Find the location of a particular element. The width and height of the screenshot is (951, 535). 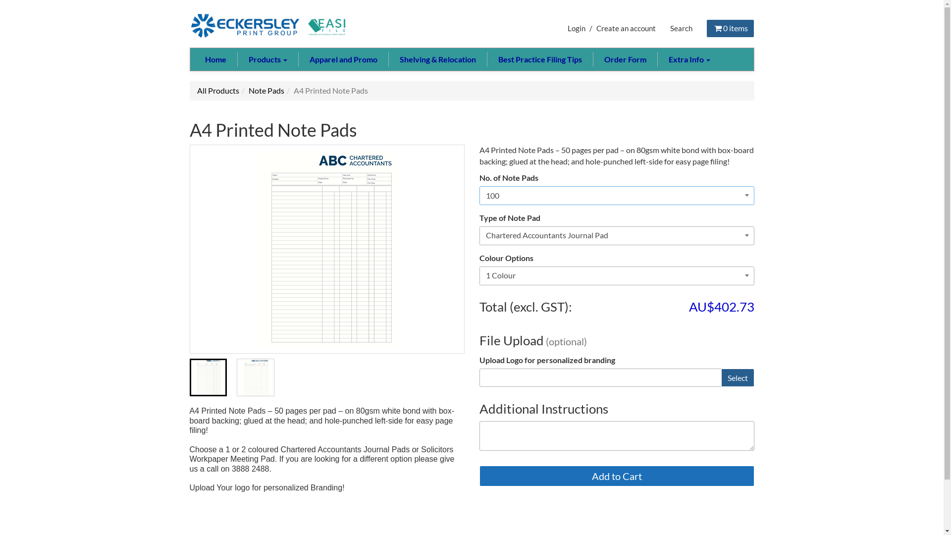

'Note Pads' is located at coordinates (266, 90).